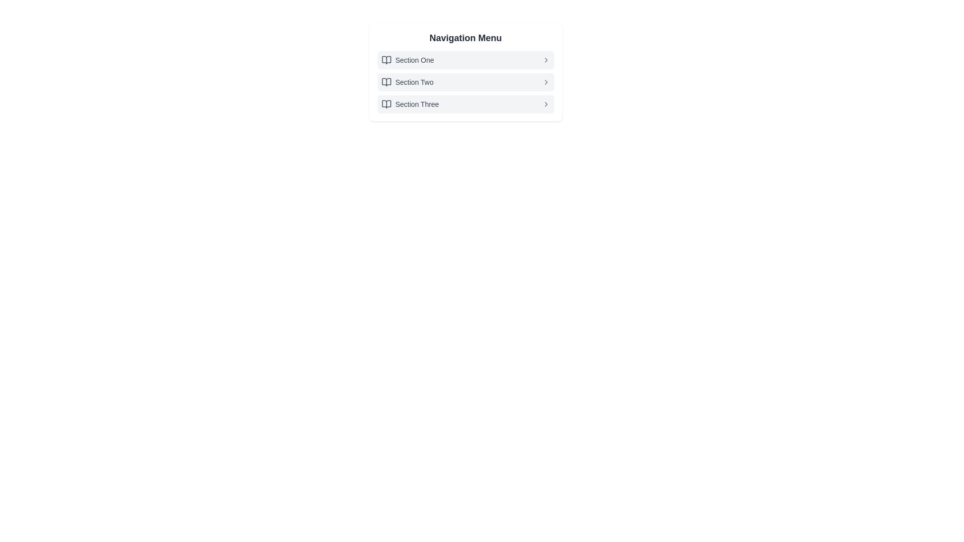  Describe the element at coordinates (465, 82) in the screenshot. I see `the second list item within the 'Navigation Menu'` at that location.